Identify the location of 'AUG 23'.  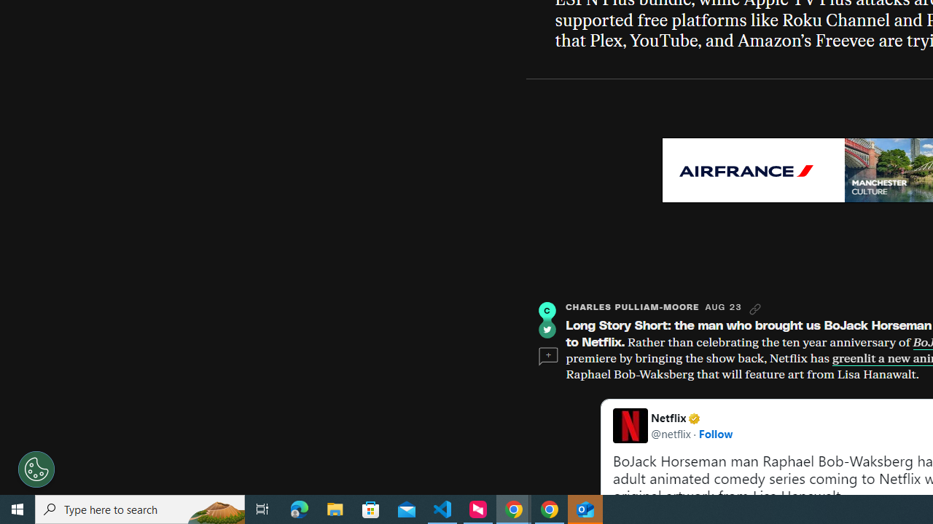
(723, 306).